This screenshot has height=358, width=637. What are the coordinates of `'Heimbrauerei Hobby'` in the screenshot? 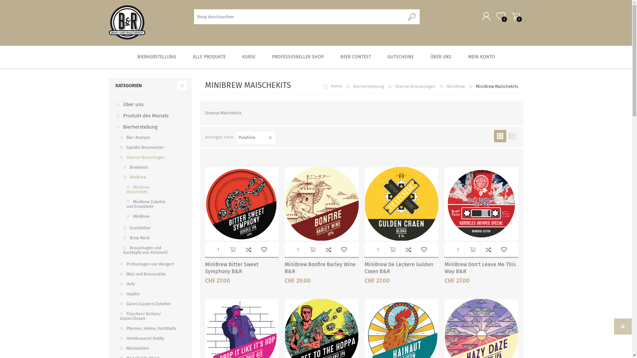 It's located at (141, 338).